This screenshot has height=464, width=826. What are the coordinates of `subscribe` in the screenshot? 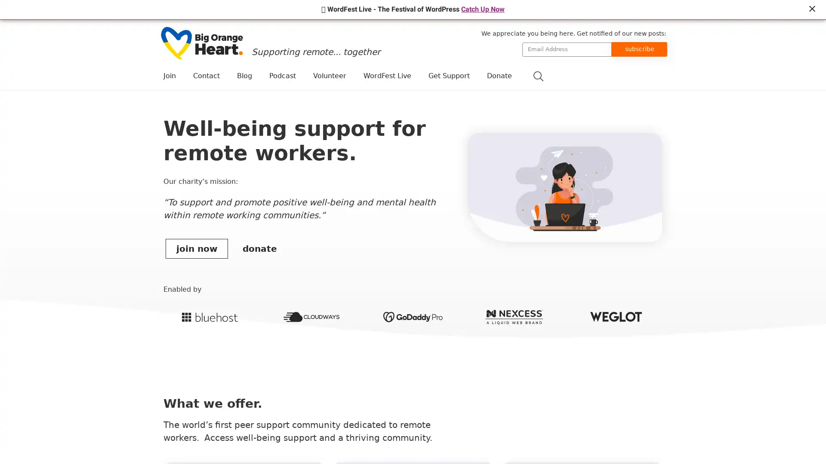 It's located at (639, 49).